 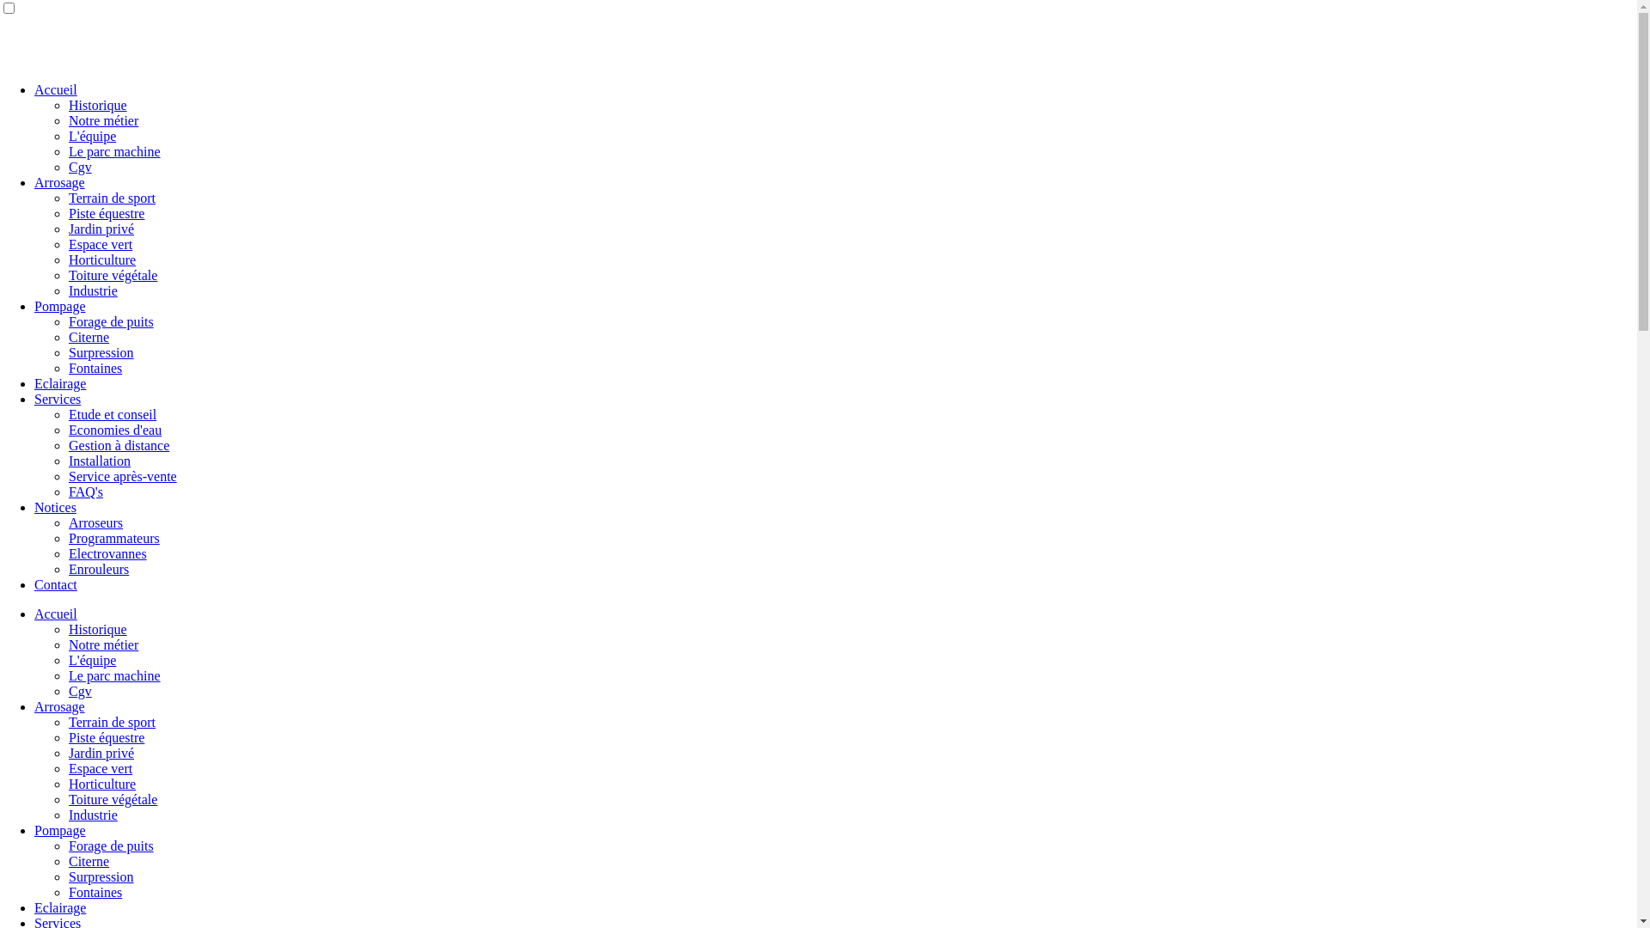 What do you see at coordinates (101, 351) in the screenshot?
I see `'Surpression'` at bounding box center [101, 351].